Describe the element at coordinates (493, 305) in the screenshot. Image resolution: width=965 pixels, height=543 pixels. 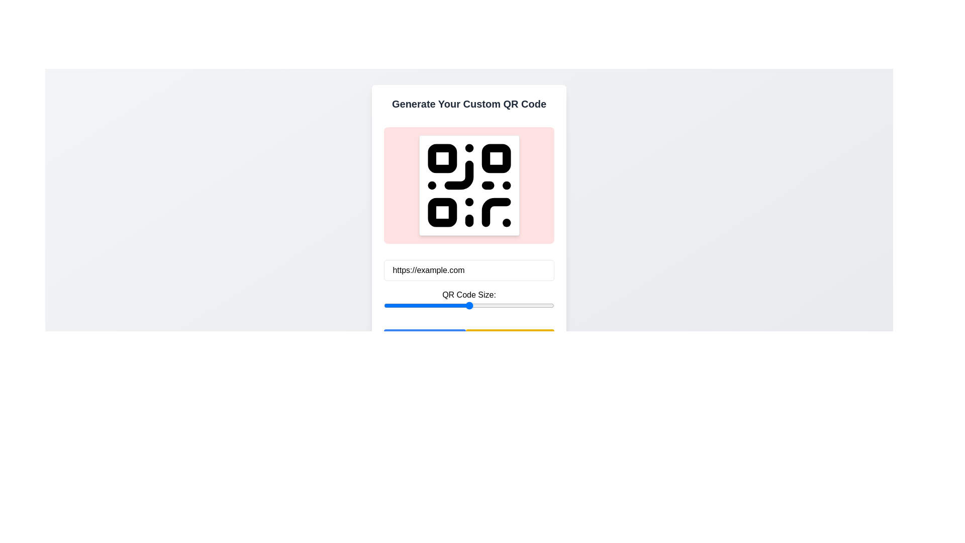
I see `QR code size` at that location.